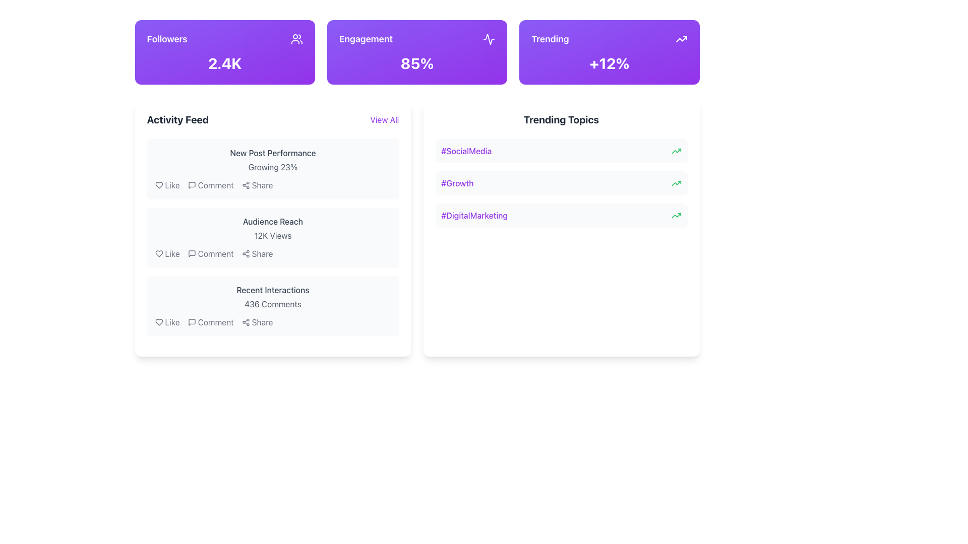 The height and width of the screenshot is (544, 968). I want to click on the 'Like' button located in the 'Activity Feed' section, which is the first option in the second row corresponding to the 'Audience Reach' feed item, so click(167, 253).